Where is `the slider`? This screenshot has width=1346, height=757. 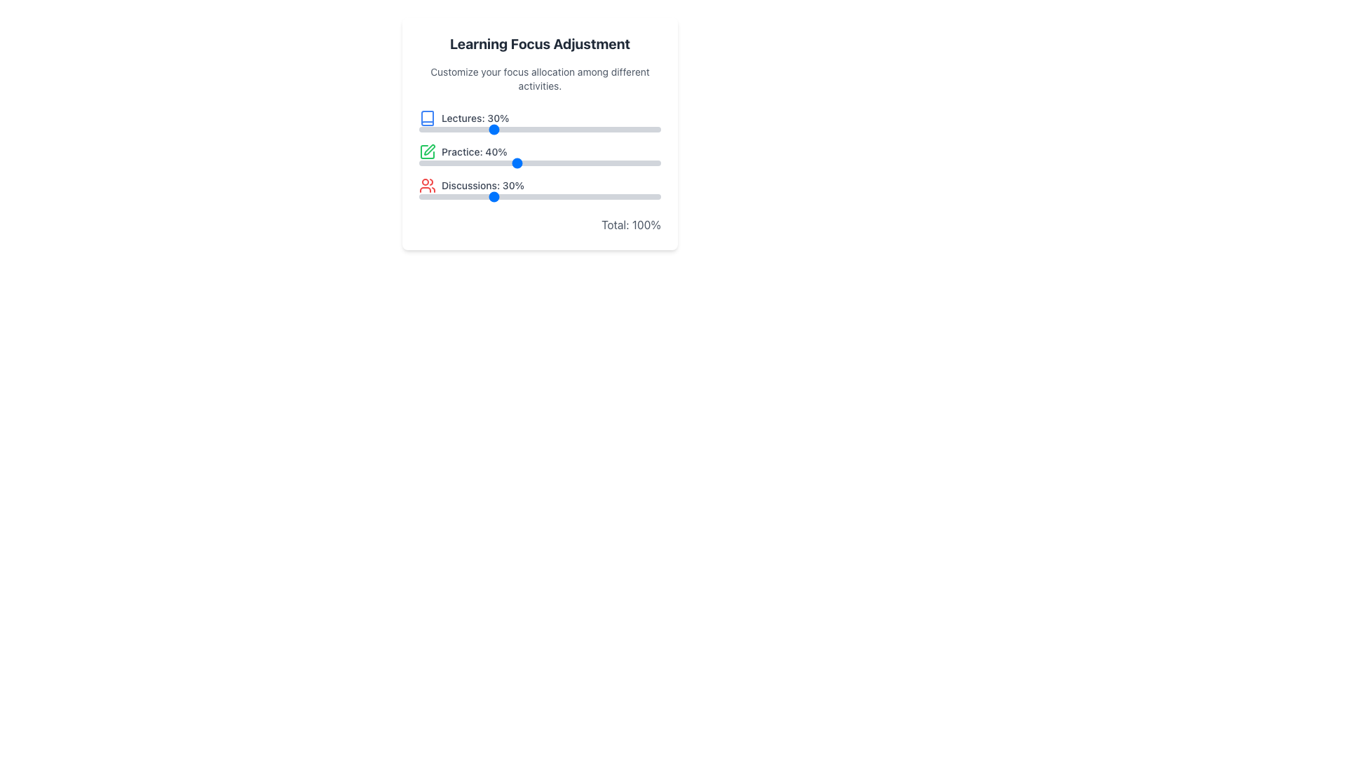 the slider is located at coordinates (423, 130).